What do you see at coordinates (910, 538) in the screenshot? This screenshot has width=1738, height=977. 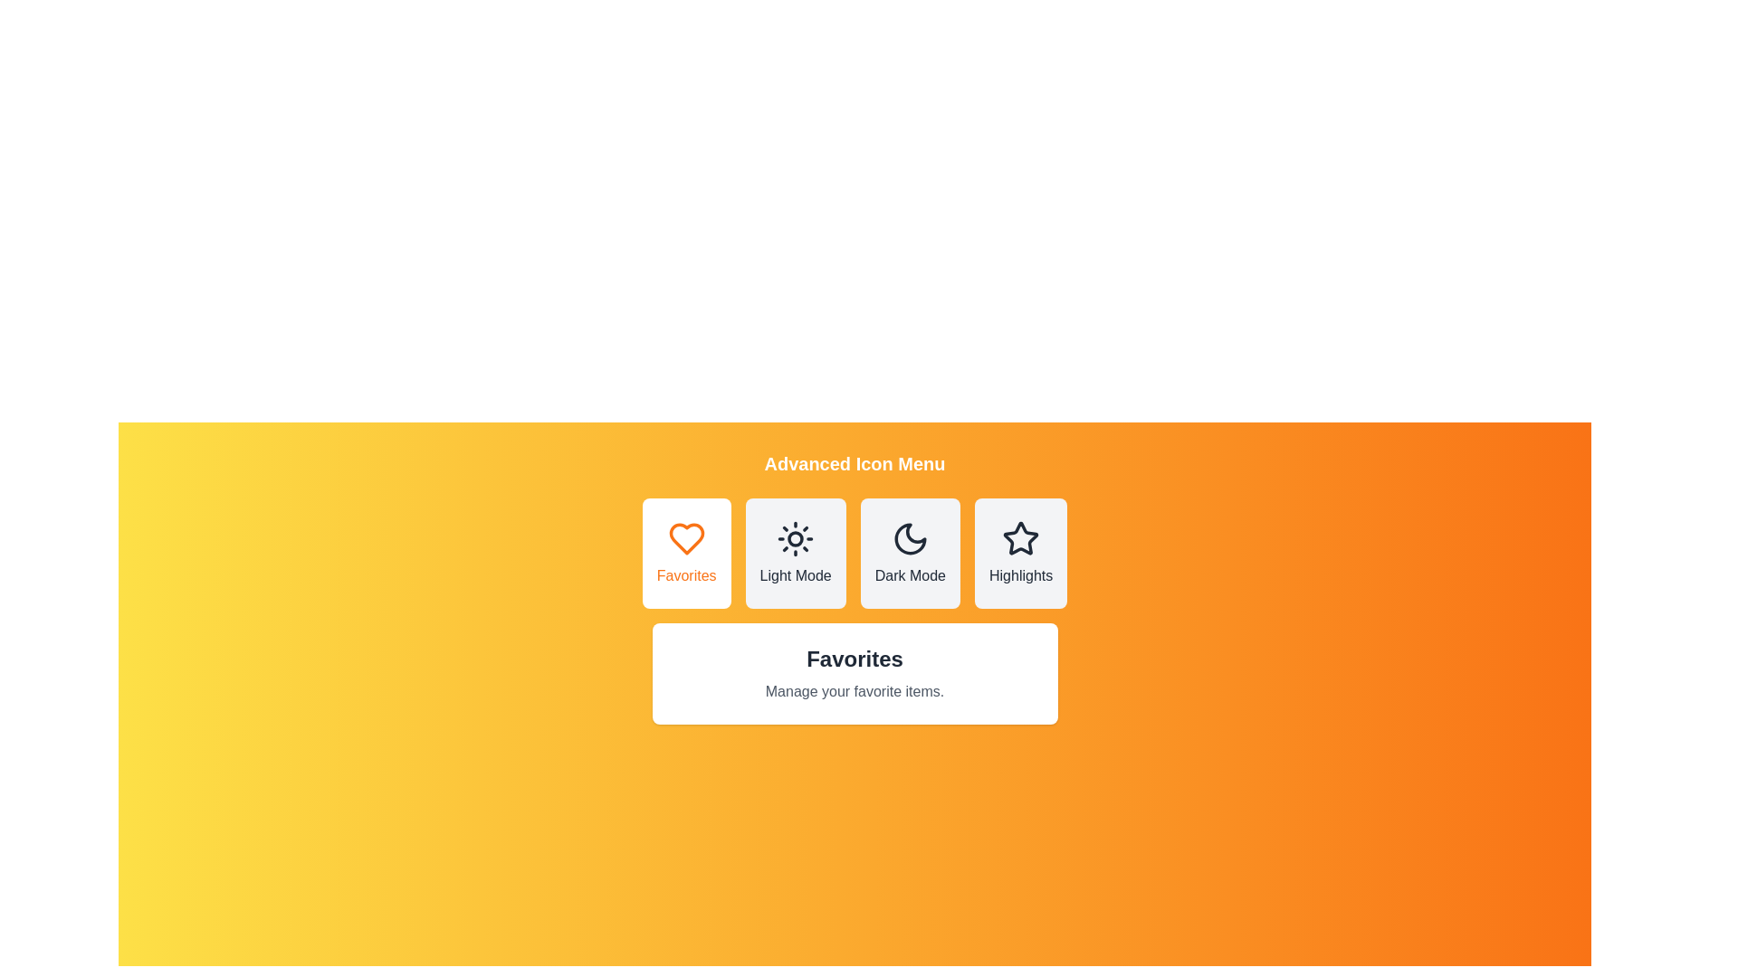 I see `the crescent moon icon representing the 'Dark Mode' option by moving the cursor to its center` at bounding box center [910, 538].